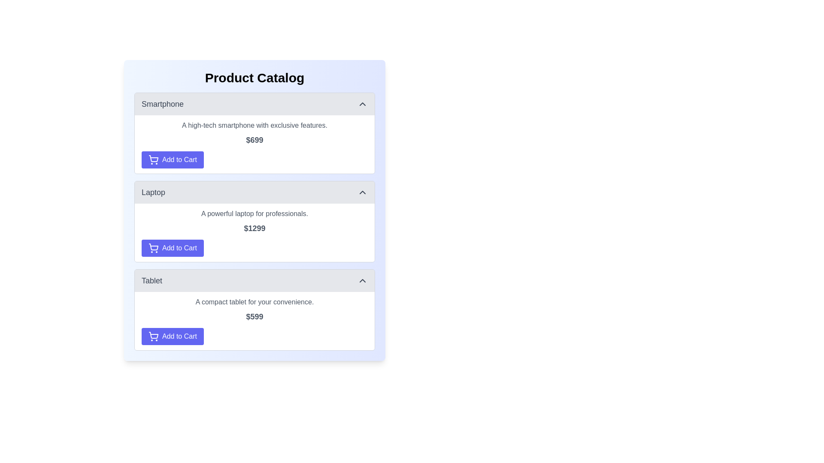  Describe the element at coordinates (362, 104) in the screenshot. I see `the upward-pointing chevron-style arrow icon located in the top-right corner of the 'Smartphone' panel` at that location.